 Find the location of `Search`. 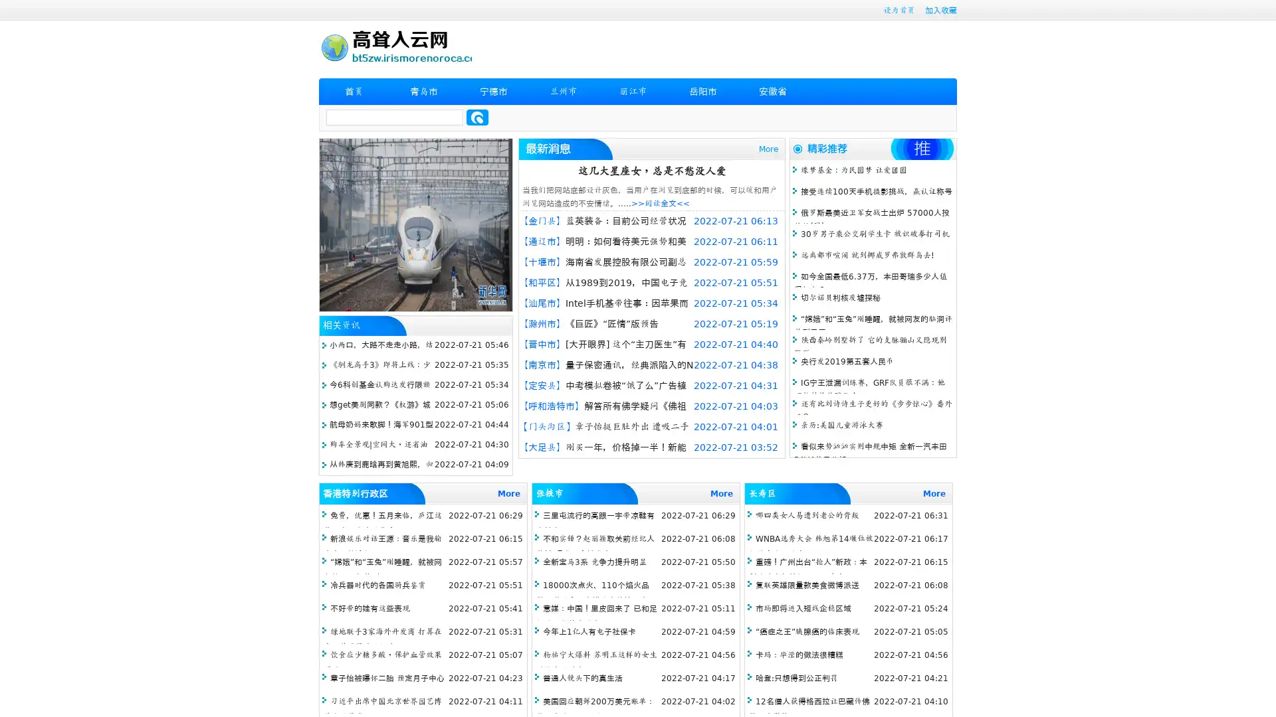

Search is located at coordinates (477, 117).